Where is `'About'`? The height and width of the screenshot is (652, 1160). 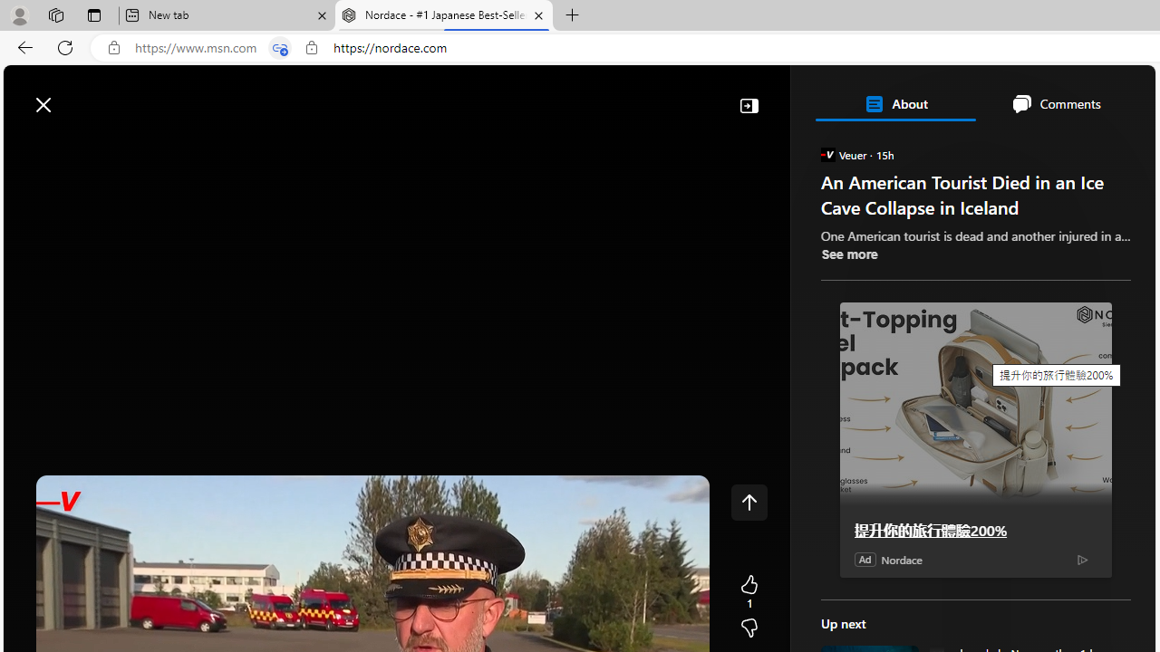 'About' is located at coordinates (894, 103).